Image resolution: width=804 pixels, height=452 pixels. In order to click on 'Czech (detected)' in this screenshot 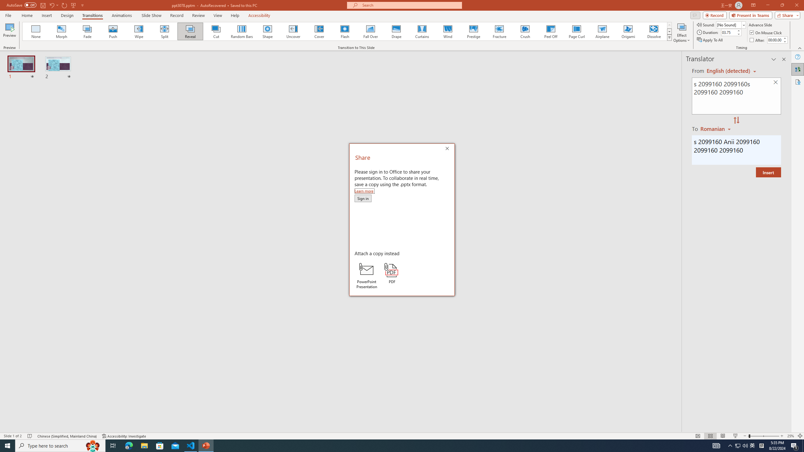, I will do `click(728, 71)`.